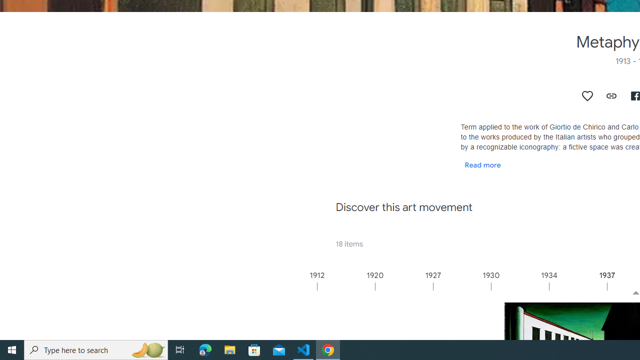  I want to click on 'Authenticate to favorite this asset.', so click(587, 95).